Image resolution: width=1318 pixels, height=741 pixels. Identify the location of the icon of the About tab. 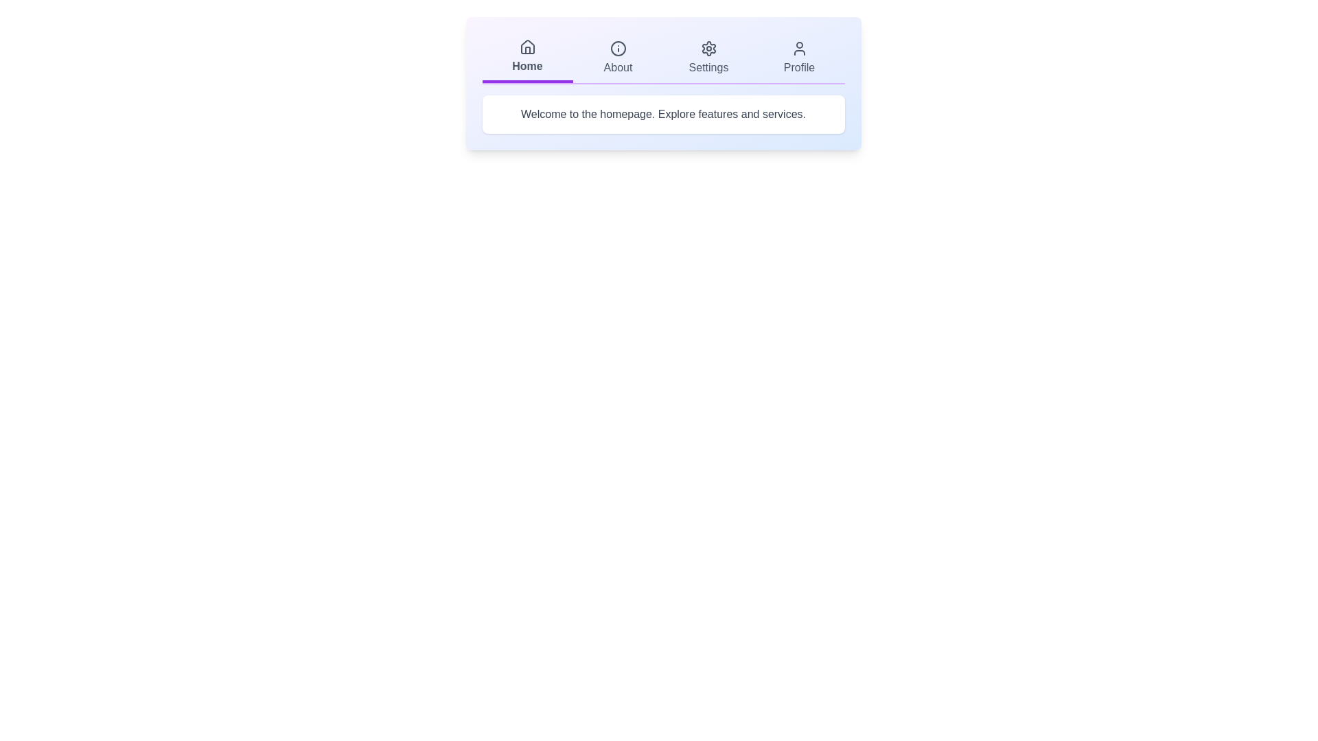
(617, 47).